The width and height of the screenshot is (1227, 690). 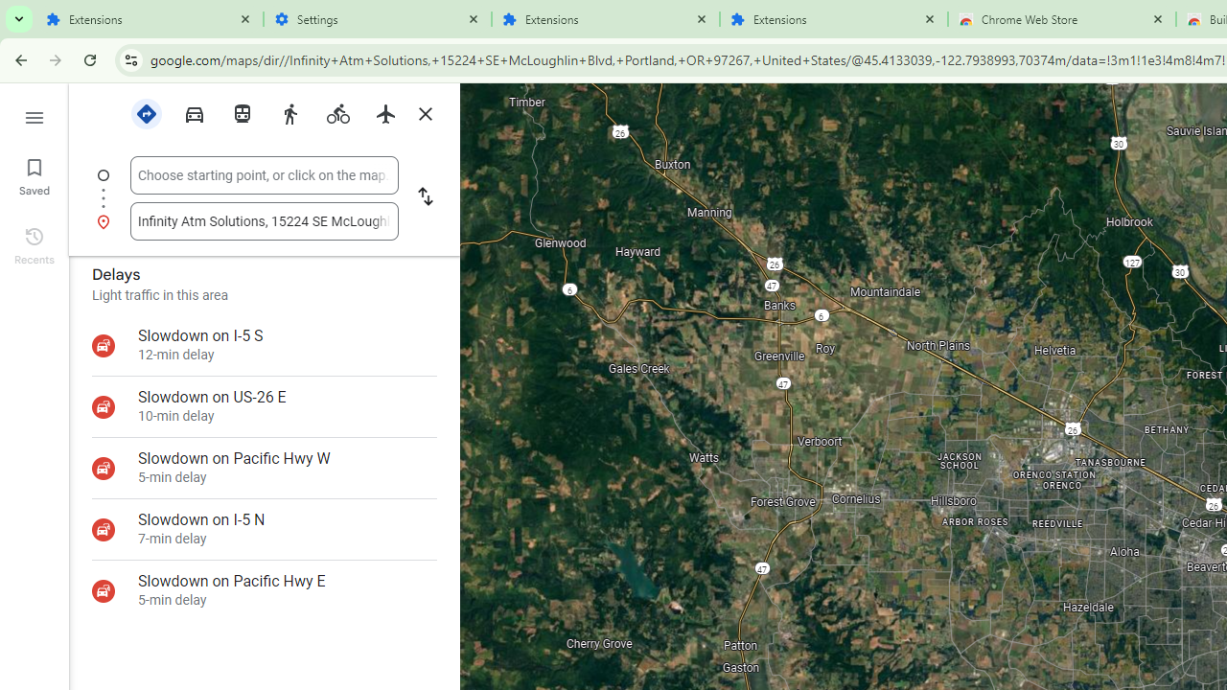 I want to click on 'Driving', so click(x=194, y=112).